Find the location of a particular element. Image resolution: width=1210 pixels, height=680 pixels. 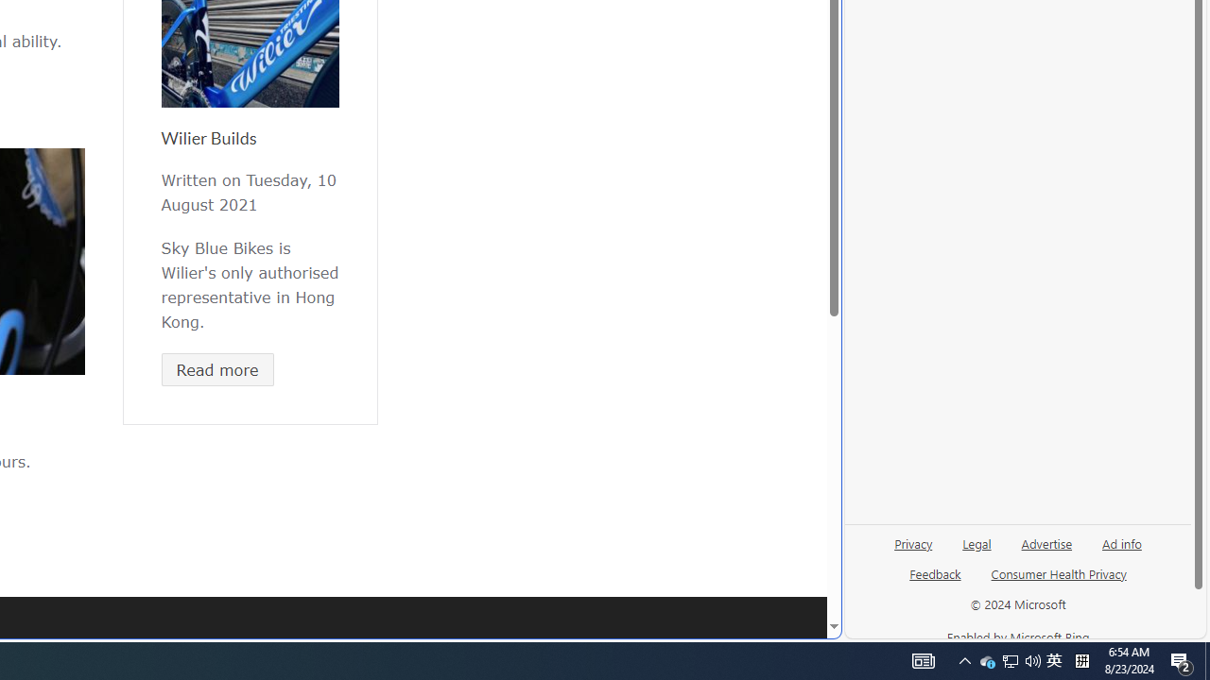

'Read more' is located at coordinates (217, 369).